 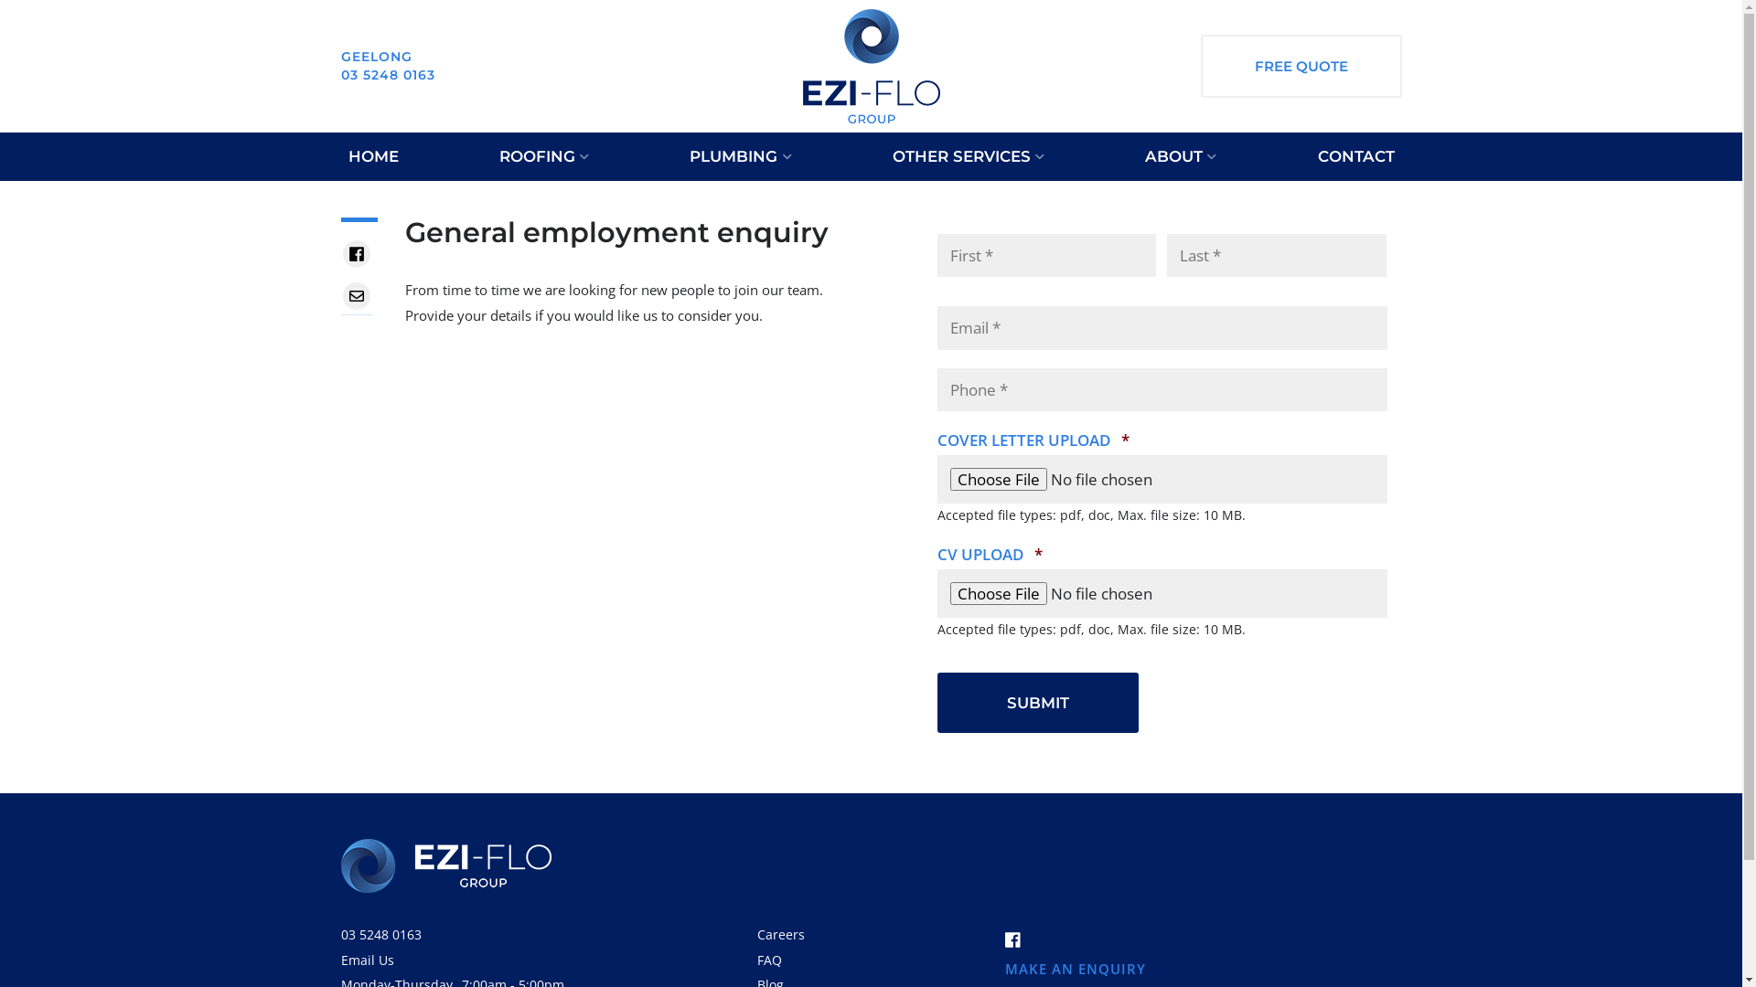 What do you see at coordinates (1037, 702) in the screenshot?
I see `'Submit'` at bounding box center [1037, 702].